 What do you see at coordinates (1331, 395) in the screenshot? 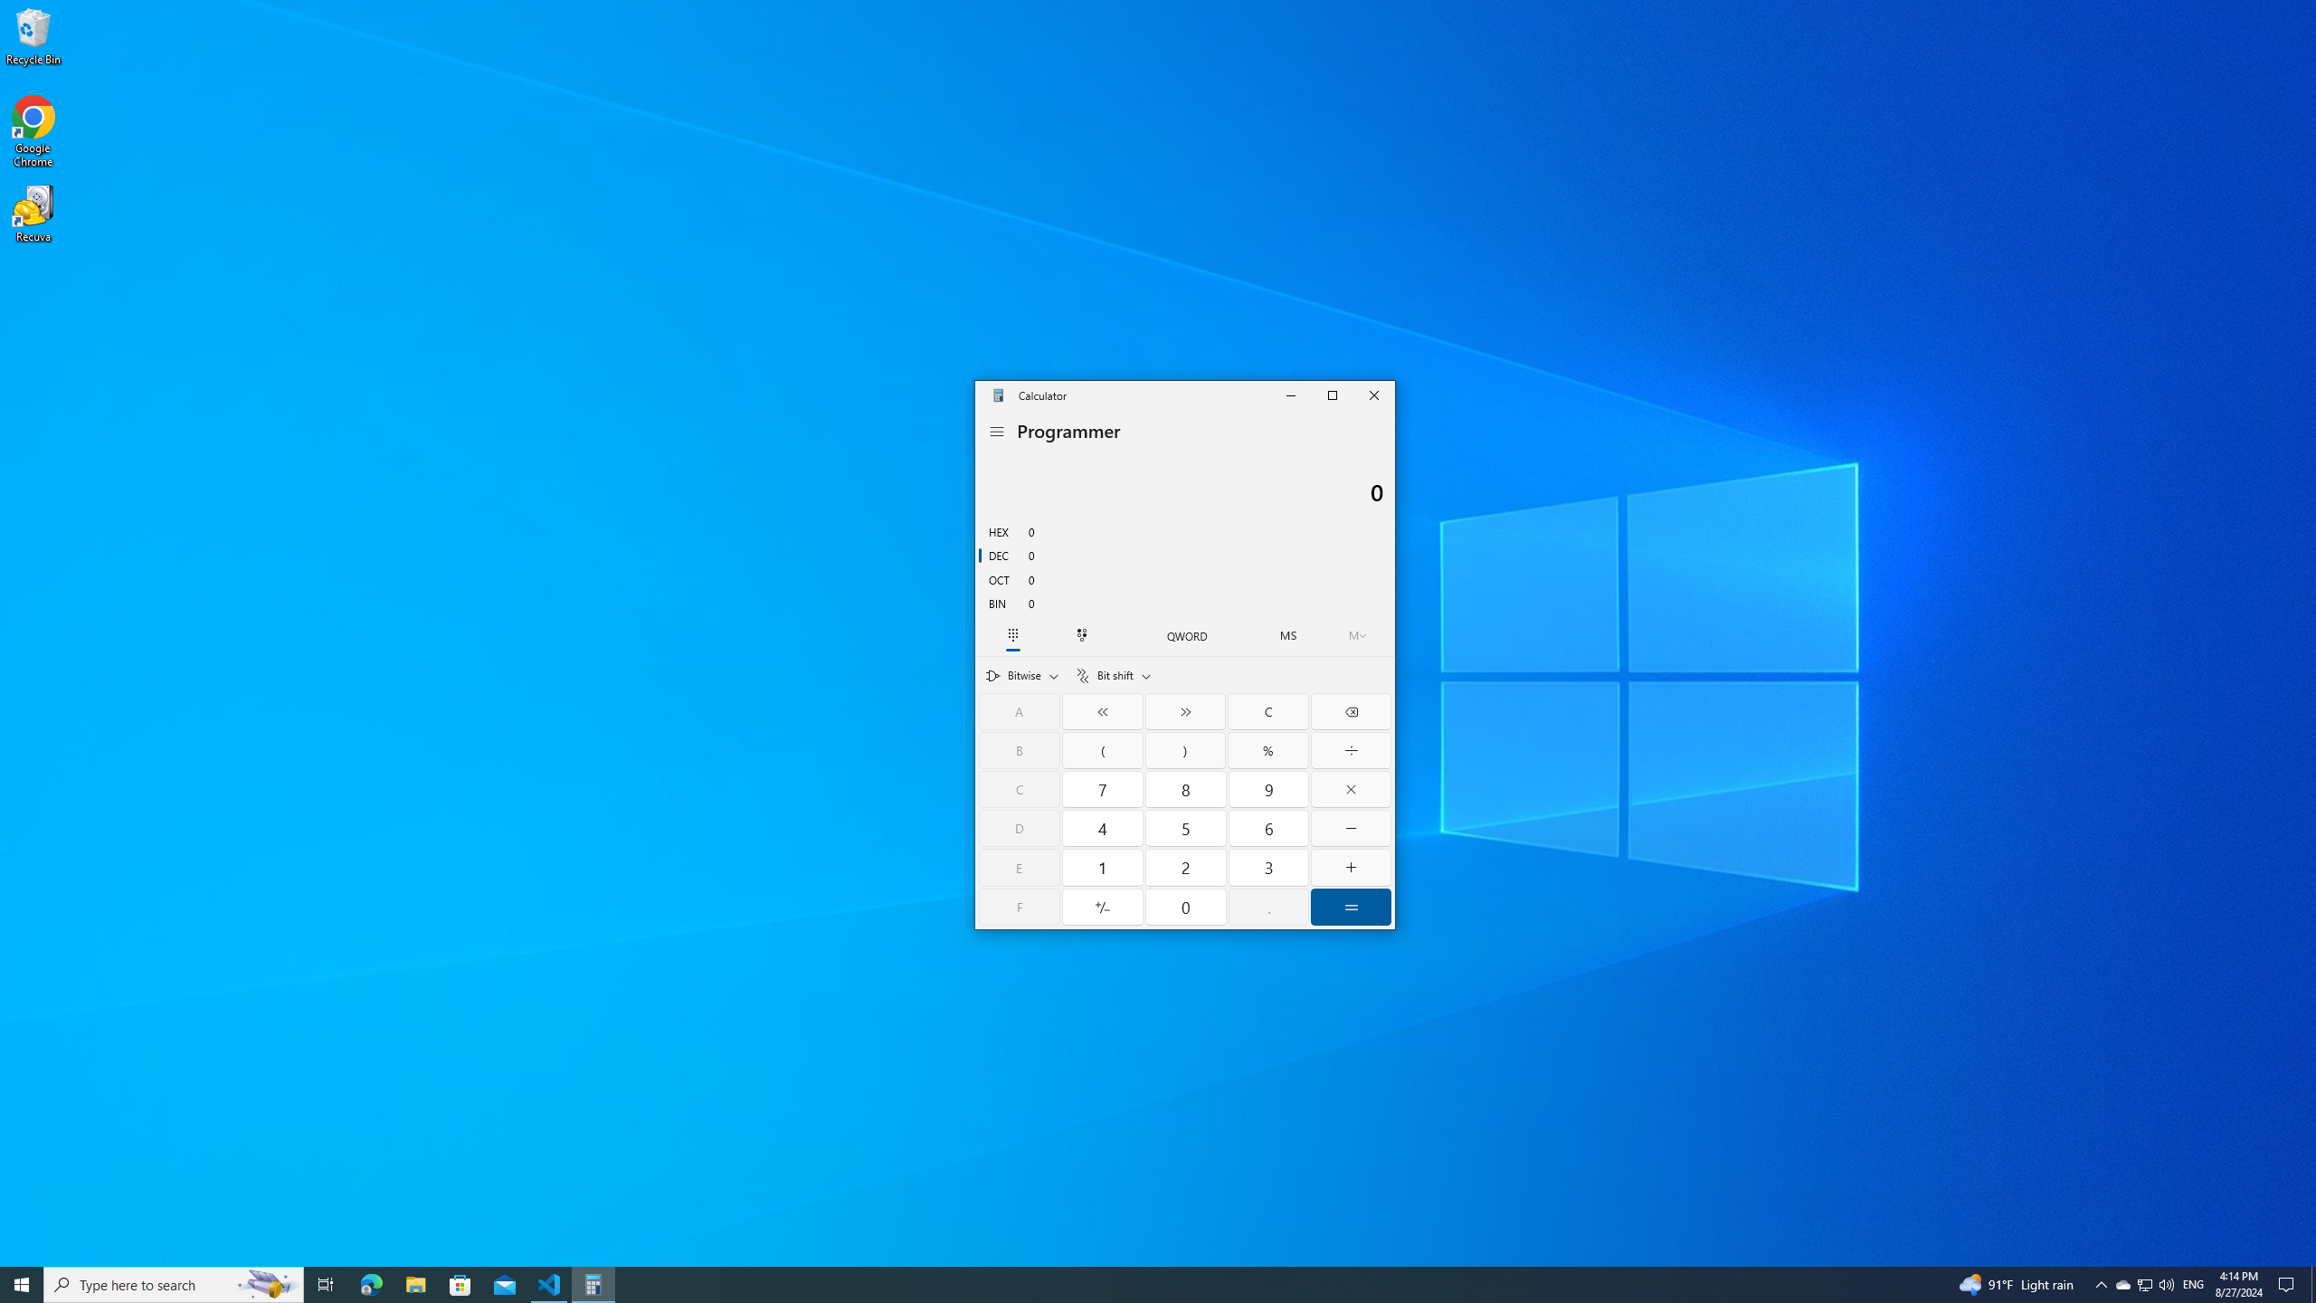
I see `'Maximize Calculator'` at bounding box center [1331, 395].